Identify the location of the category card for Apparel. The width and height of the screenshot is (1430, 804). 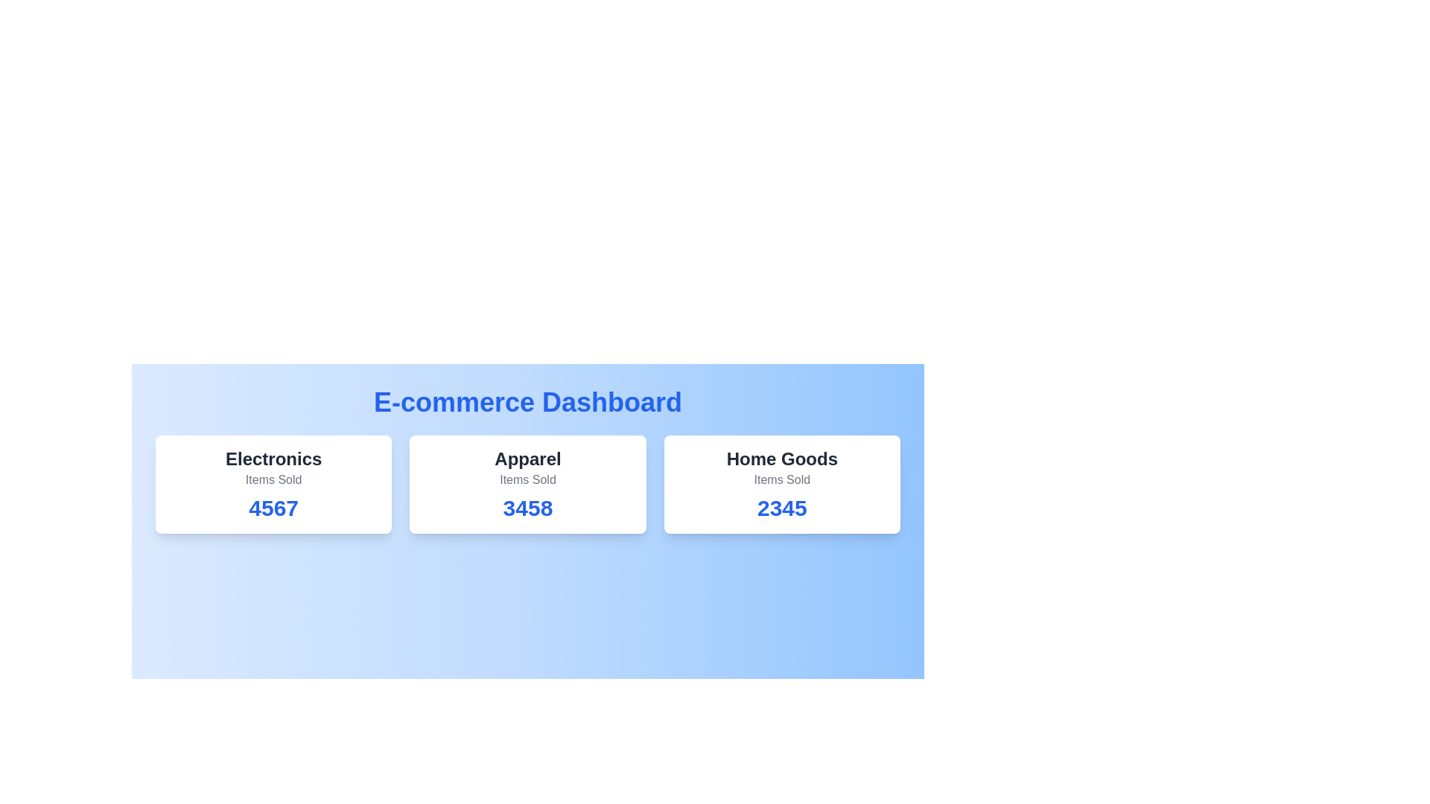
(528, 485).